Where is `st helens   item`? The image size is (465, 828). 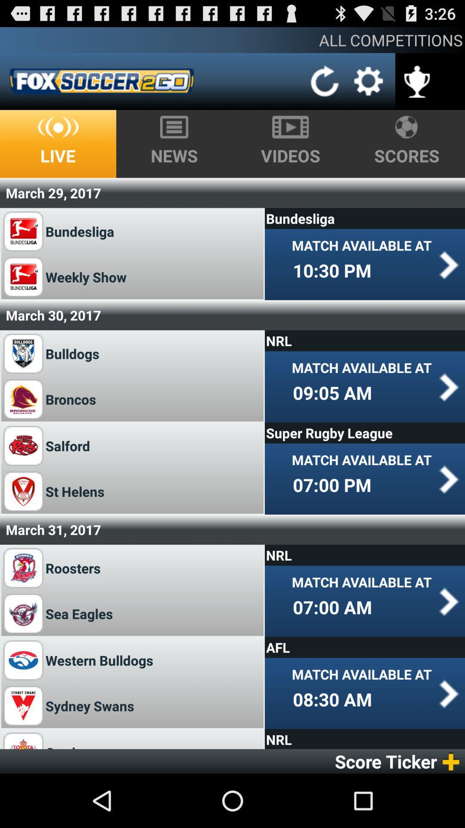
st helens   item is located at coordinates (78, 491).